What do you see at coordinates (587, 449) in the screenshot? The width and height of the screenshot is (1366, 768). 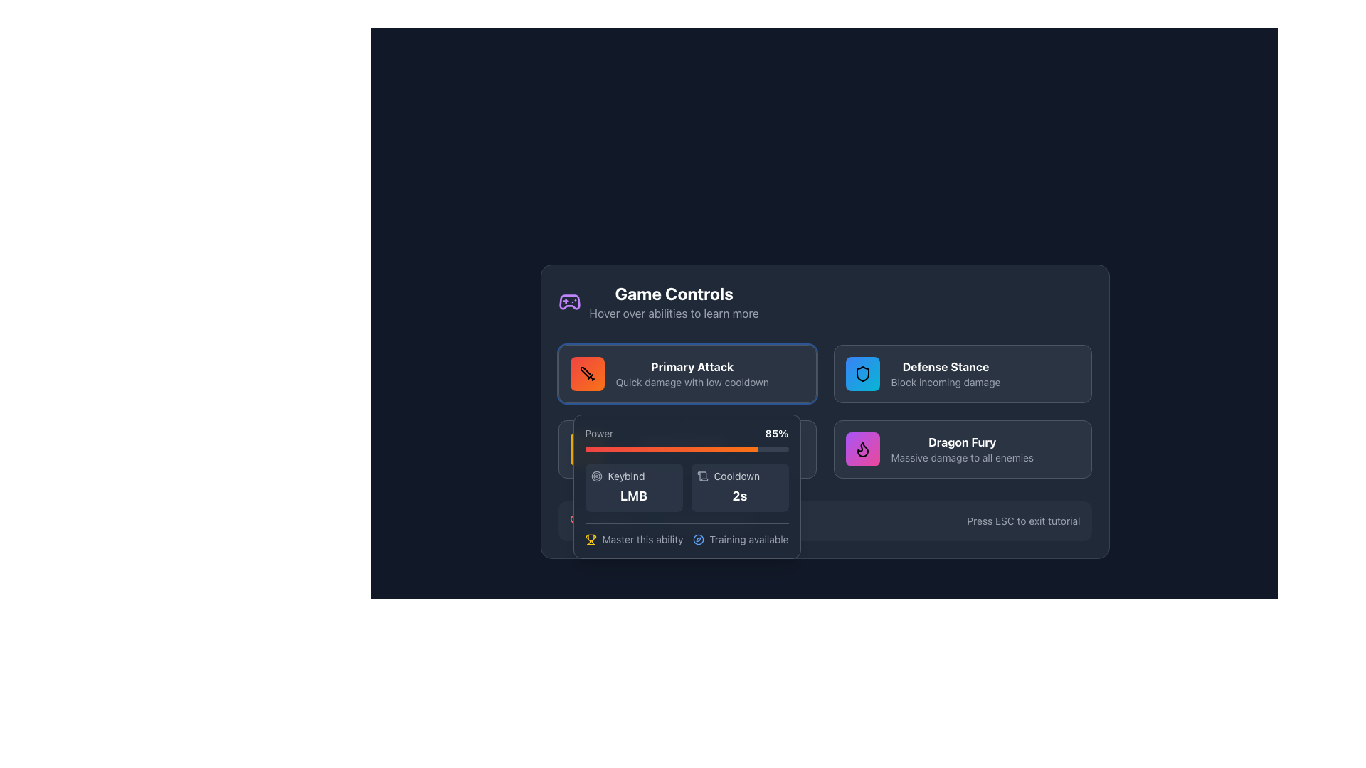 I see `the SVG icon indicating power or energy, located at the bottom-left corner of the game control panel near the power bar labeled 'Power 85%'` at bounding box center [587, 449].